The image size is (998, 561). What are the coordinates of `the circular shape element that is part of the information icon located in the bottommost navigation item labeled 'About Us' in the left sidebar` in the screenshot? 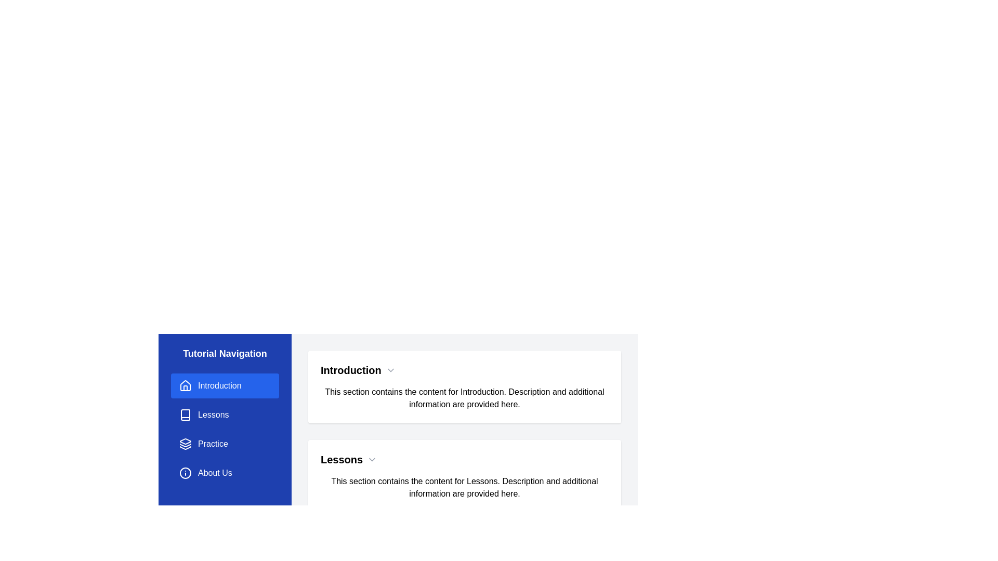 It's located at (185, 473).